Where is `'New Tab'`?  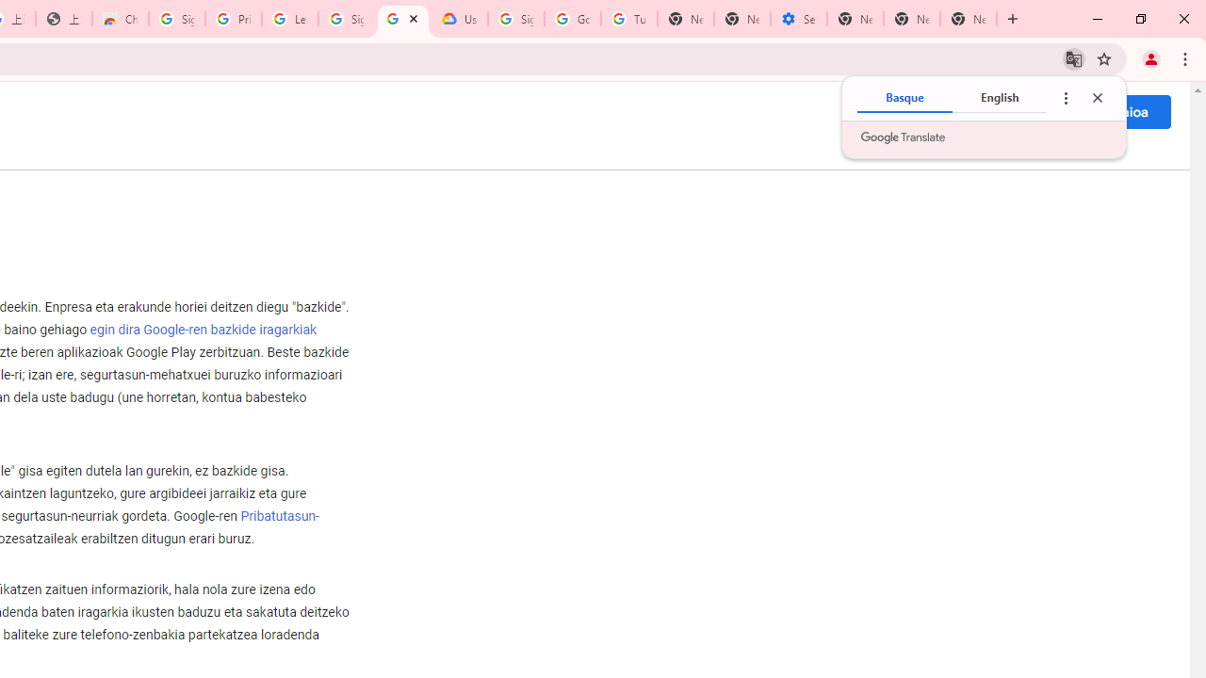 'New Tab' is located at coordinates (969, 19).